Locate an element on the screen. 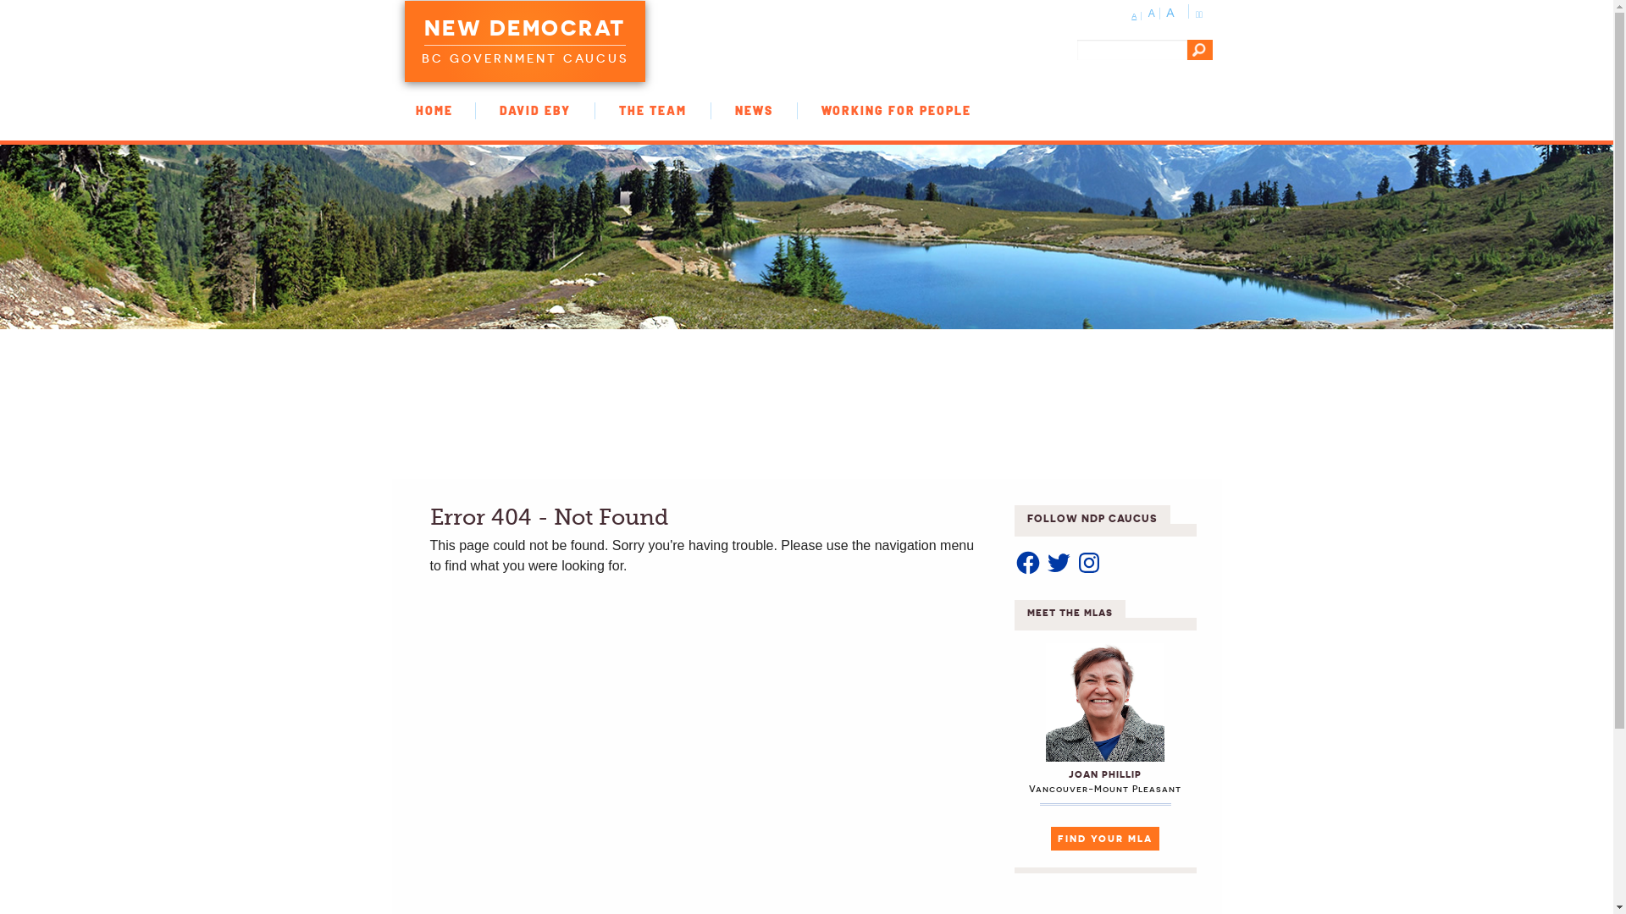 The height and width of the screenshot is (914, 1626). 'Twitter' is located at coordinates (1057, 562).